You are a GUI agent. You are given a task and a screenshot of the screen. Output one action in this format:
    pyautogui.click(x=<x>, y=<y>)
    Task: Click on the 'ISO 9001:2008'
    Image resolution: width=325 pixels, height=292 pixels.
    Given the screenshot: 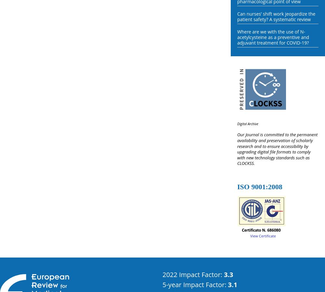 What is the action you would take?
    pyautogui.click(x=260, y=186)
    